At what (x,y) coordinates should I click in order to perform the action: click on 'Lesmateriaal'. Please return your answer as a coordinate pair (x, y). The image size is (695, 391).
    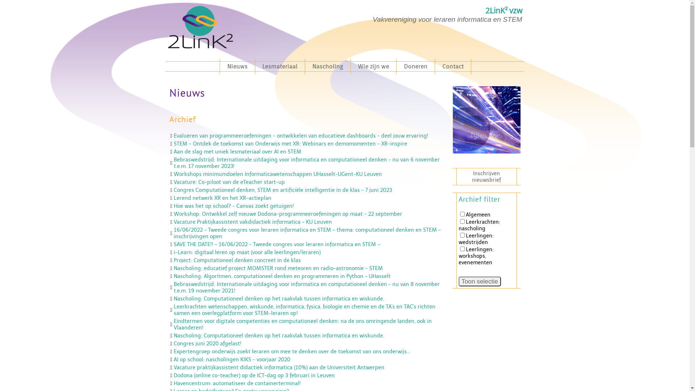
    Looking at the image, I should click on (279, 66).